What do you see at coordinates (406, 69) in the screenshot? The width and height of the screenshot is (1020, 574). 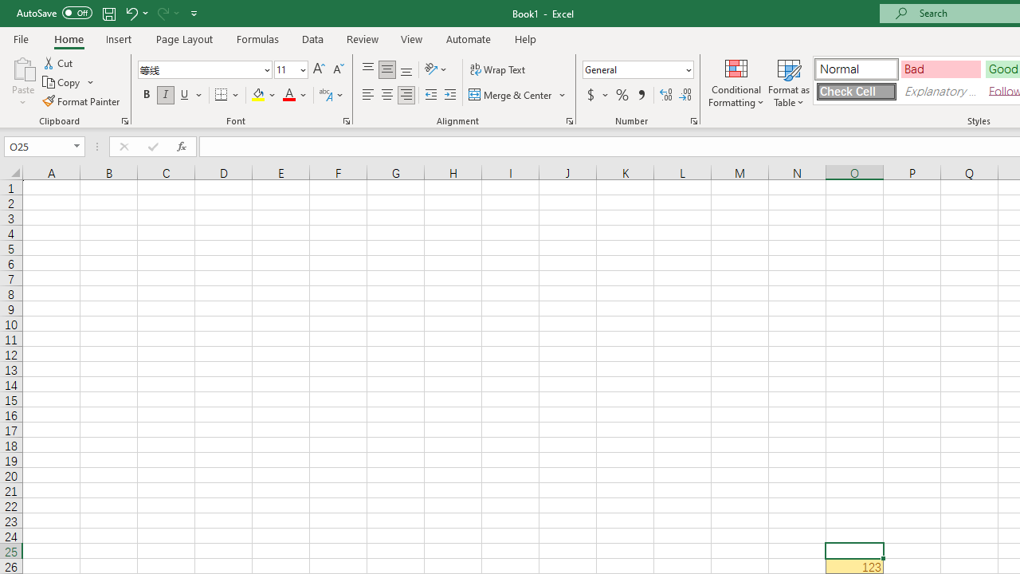 I see `'Bottom Align'` at bounding box center [406, 69].